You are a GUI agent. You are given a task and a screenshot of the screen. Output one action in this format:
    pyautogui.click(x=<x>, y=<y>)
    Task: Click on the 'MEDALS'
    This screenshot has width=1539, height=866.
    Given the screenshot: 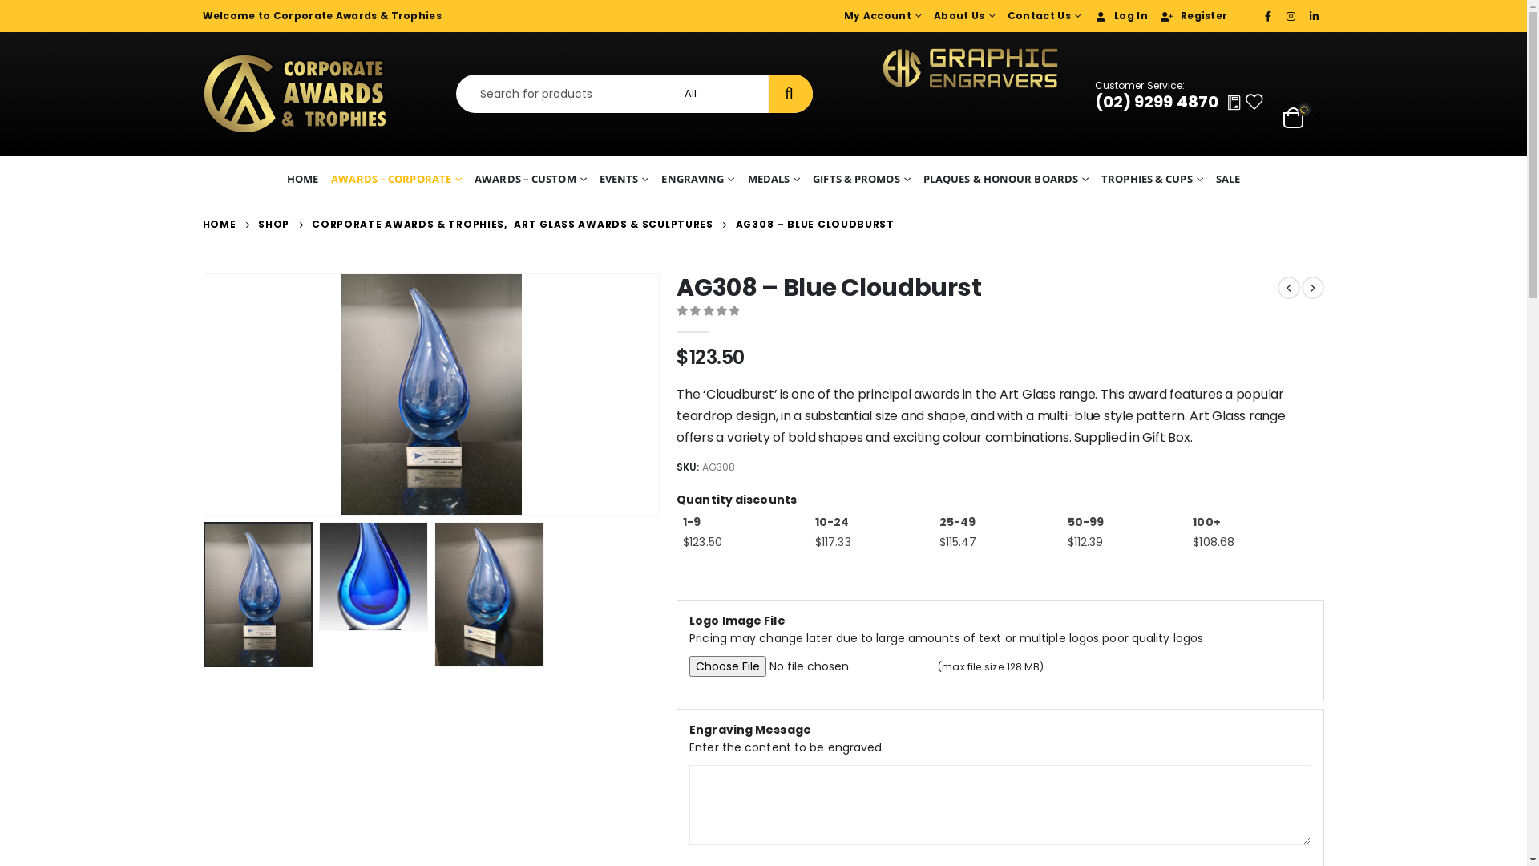 What is the action you would take?
    pyautogui.click(x=774, y=179)
    